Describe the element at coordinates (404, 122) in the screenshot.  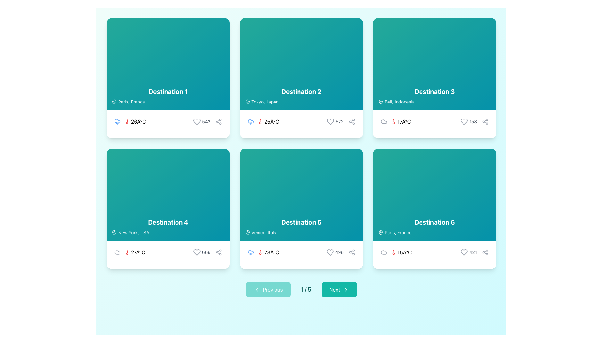
I see `the text label that displays the current temperature in Celsius for the destination 'Bali, Indonesia' within the 'Destination 3' card, located below a thermometer icon` at that location.